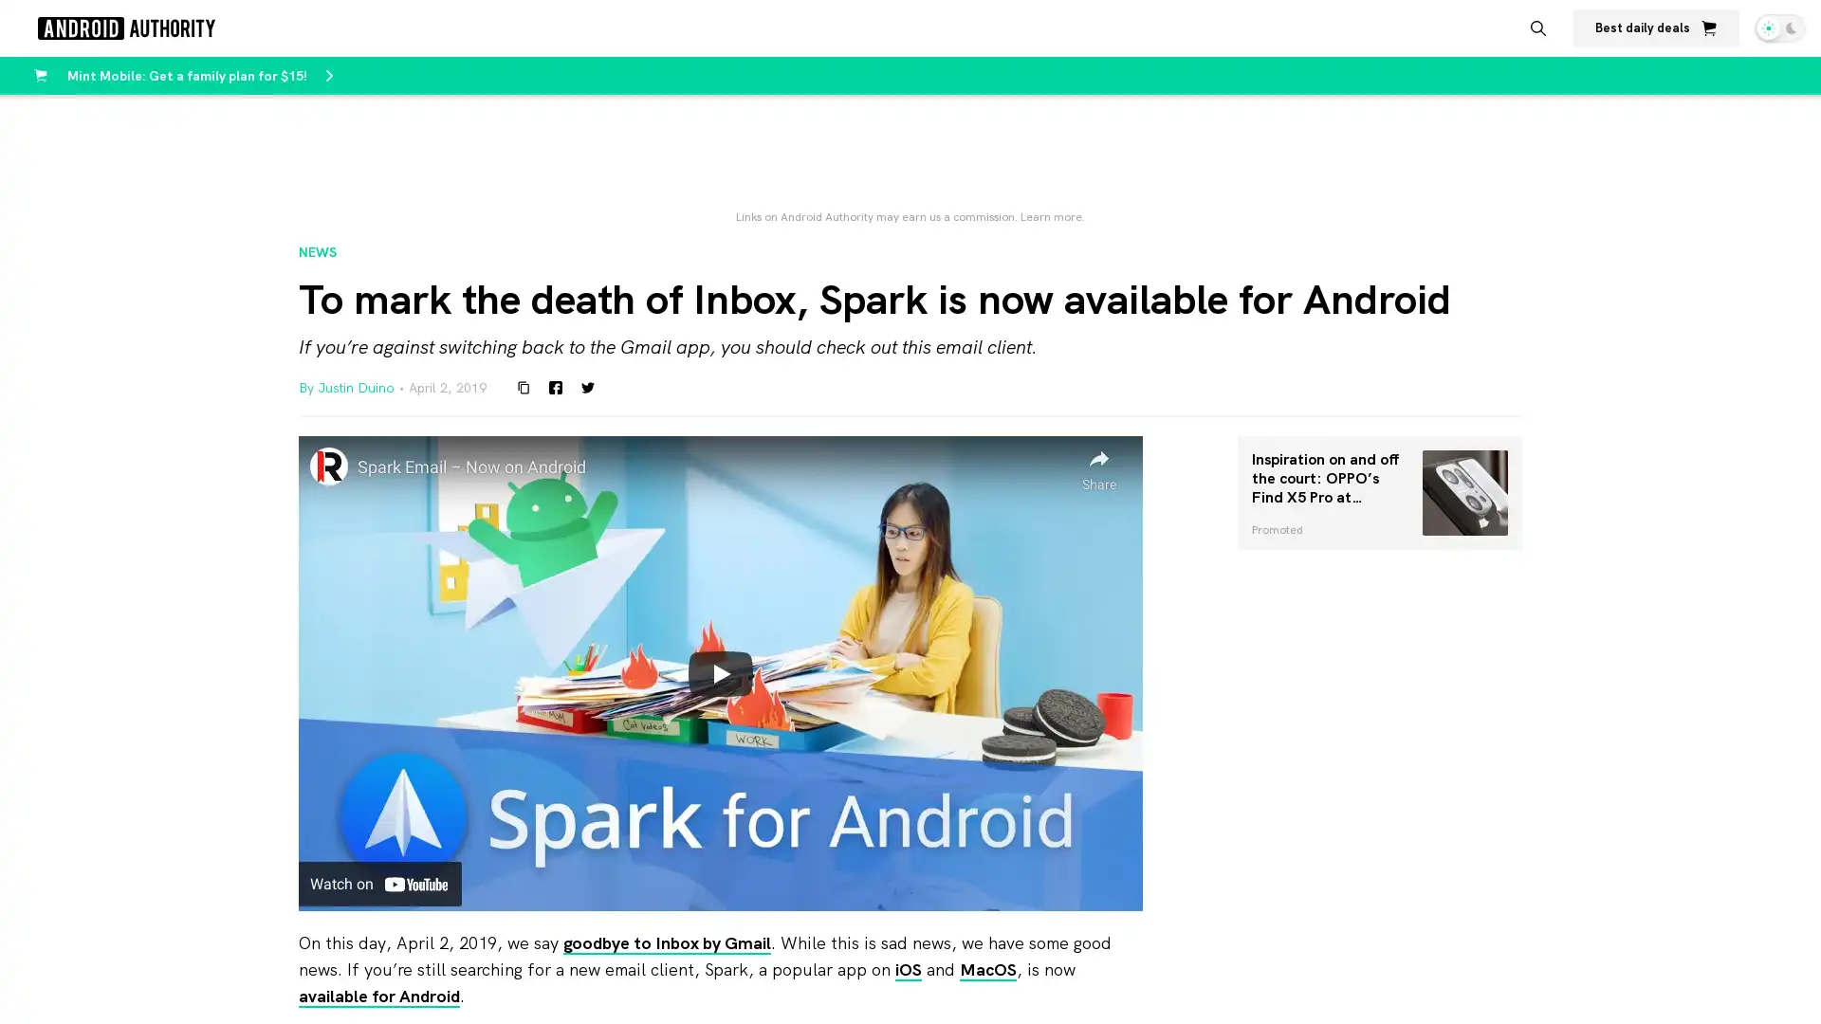 The image size is (1821, 1024). What do you see at coordinates (1778, 27) in the screenshot?
I see `Switch theme` at bounding box center [1778, 27].